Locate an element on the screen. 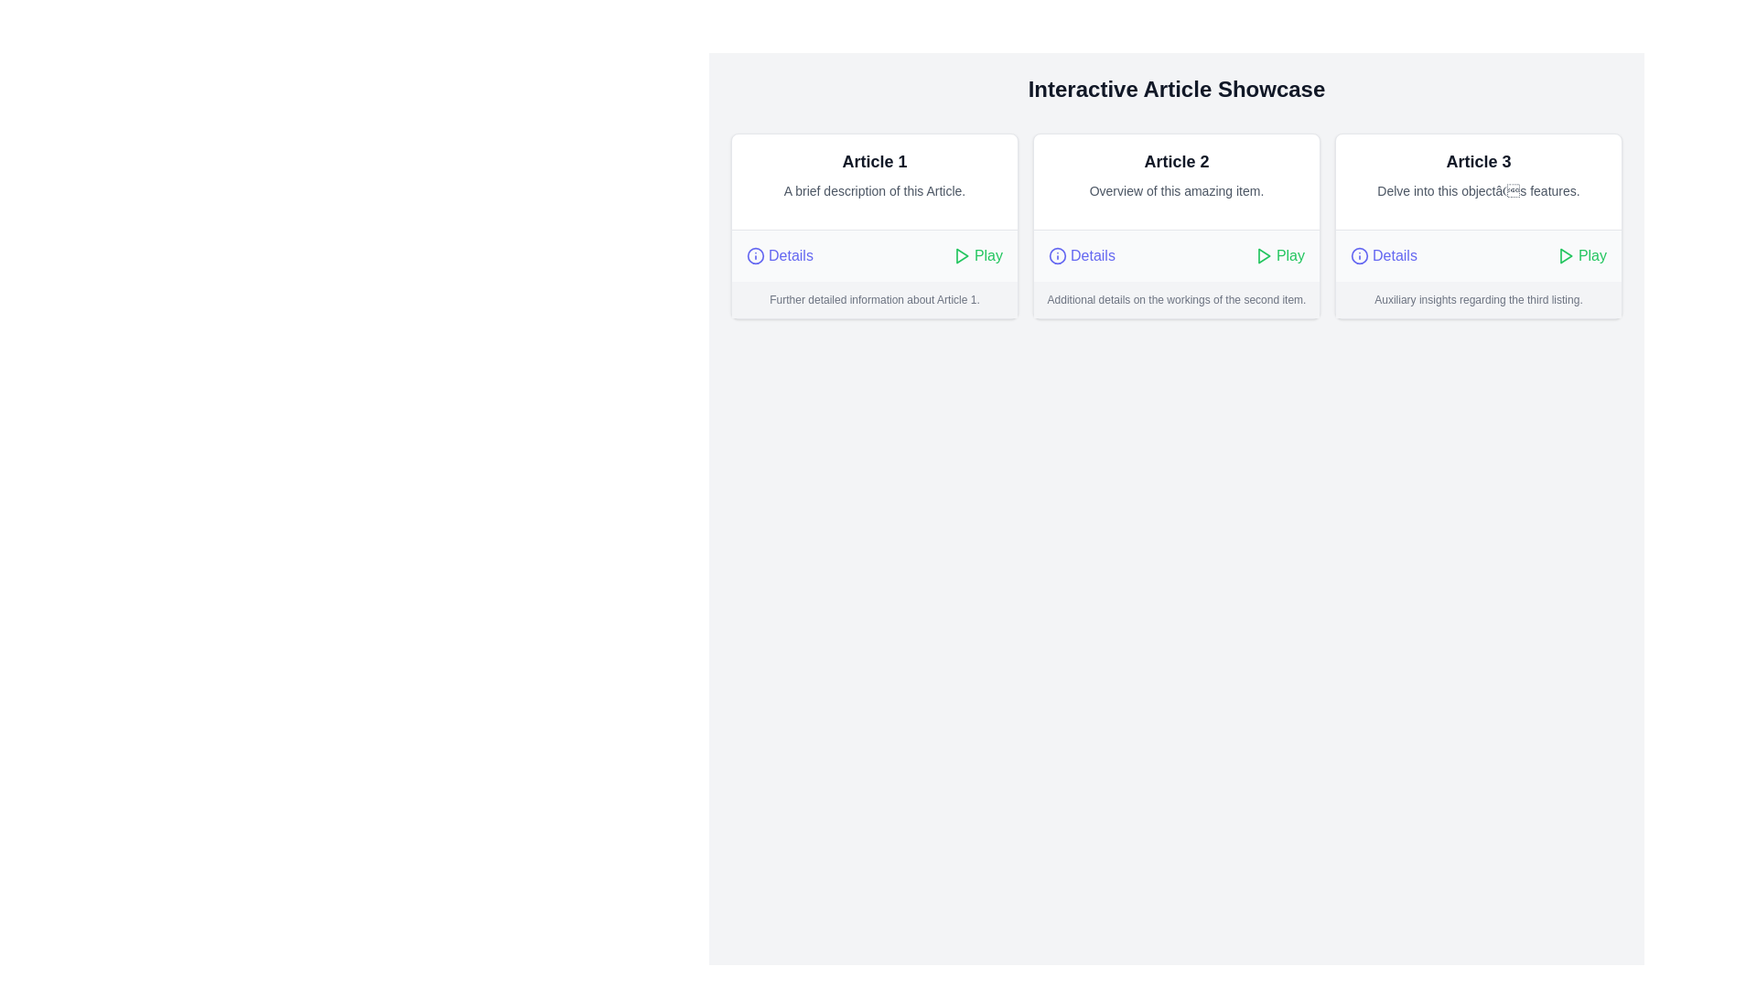 The image size is (1757, 988). the small text block with a gray background and light gray text located at the bottom of the 'Article 2' card, beneath the 'Details' and 'Play' elements is located at coordinates (1177, 298).